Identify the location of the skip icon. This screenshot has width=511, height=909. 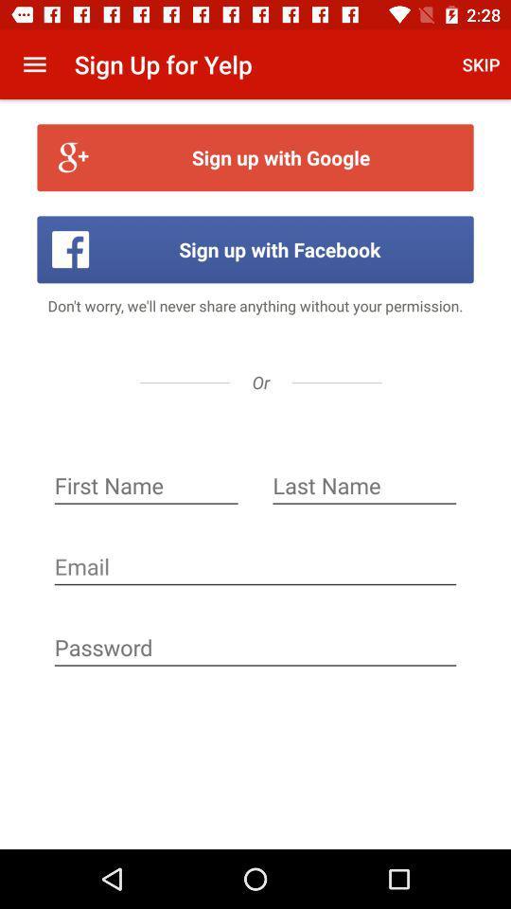
(481, 64).